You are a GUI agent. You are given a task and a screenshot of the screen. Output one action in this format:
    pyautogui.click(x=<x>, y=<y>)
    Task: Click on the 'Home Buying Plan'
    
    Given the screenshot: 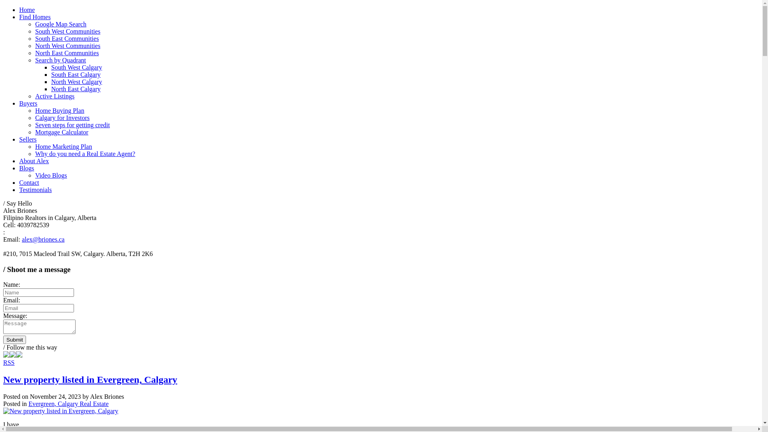 What is the action you would take?
    pyautogui.click(x=59, y=110)
    